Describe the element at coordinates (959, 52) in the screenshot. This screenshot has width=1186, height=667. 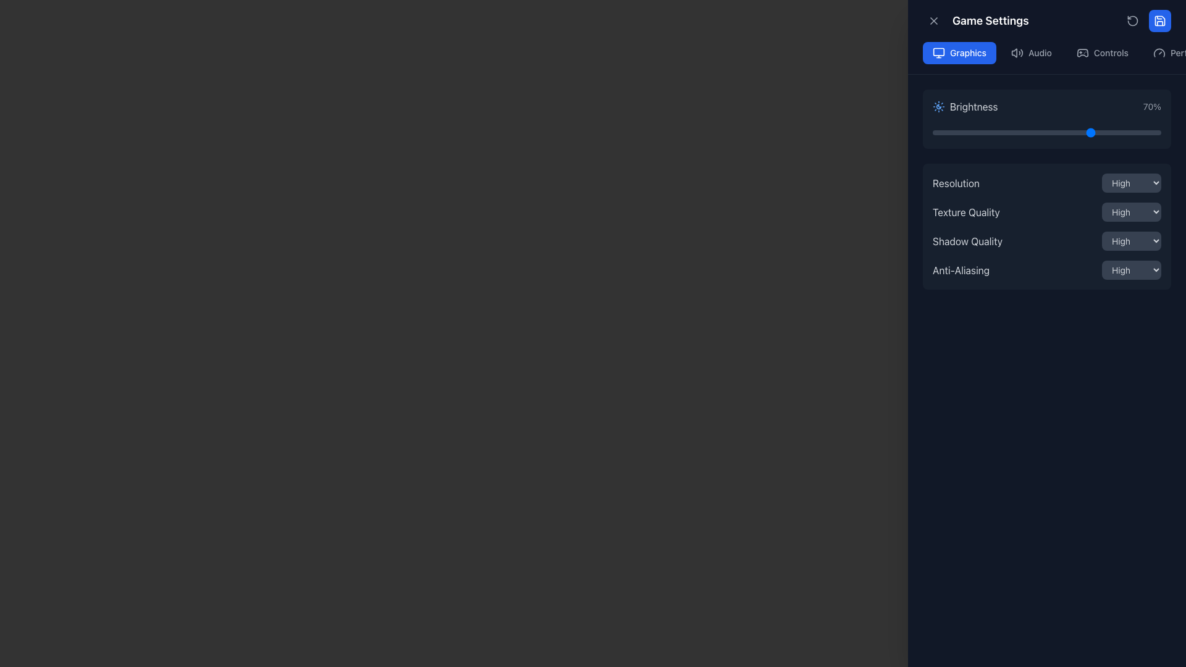
I see `the 'Graphics' settings button located at the top of the interface, which is the first selectable button in a row of buttons including 'Audio', 'Controls', and 'Performance'` at that location.